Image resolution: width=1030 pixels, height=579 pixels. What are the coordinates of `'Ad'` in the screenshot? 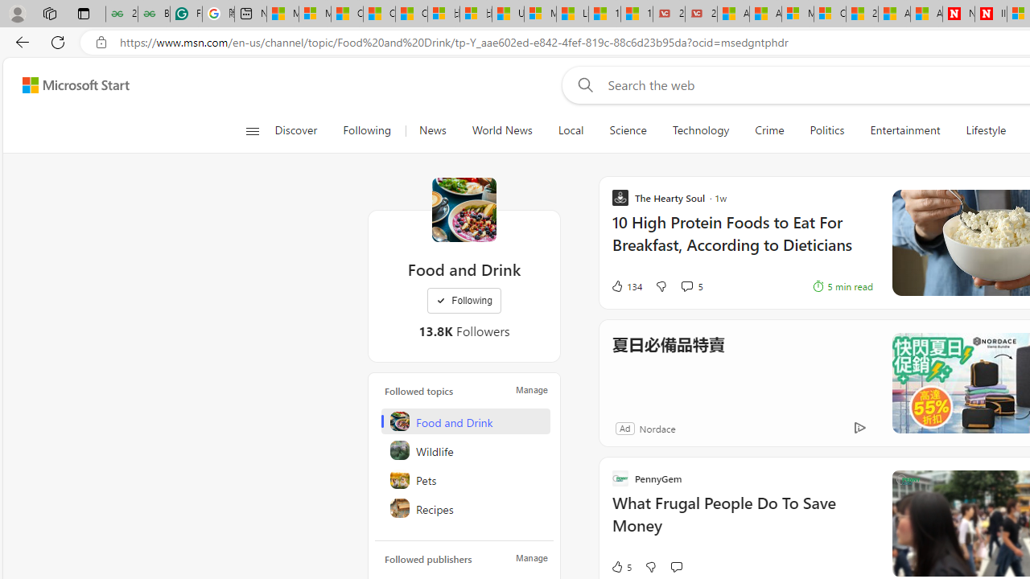 It's located at (624, 427).